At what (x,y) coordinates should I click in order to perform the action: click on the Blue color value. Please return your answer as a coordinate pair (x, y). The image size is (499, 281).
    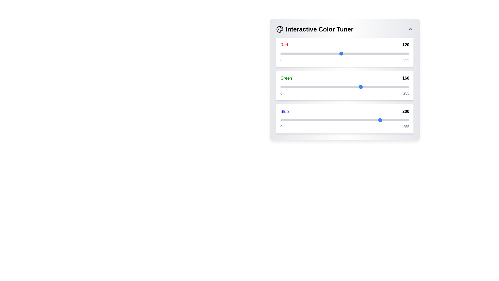
    Looking at the image, I should click on (347, 120).